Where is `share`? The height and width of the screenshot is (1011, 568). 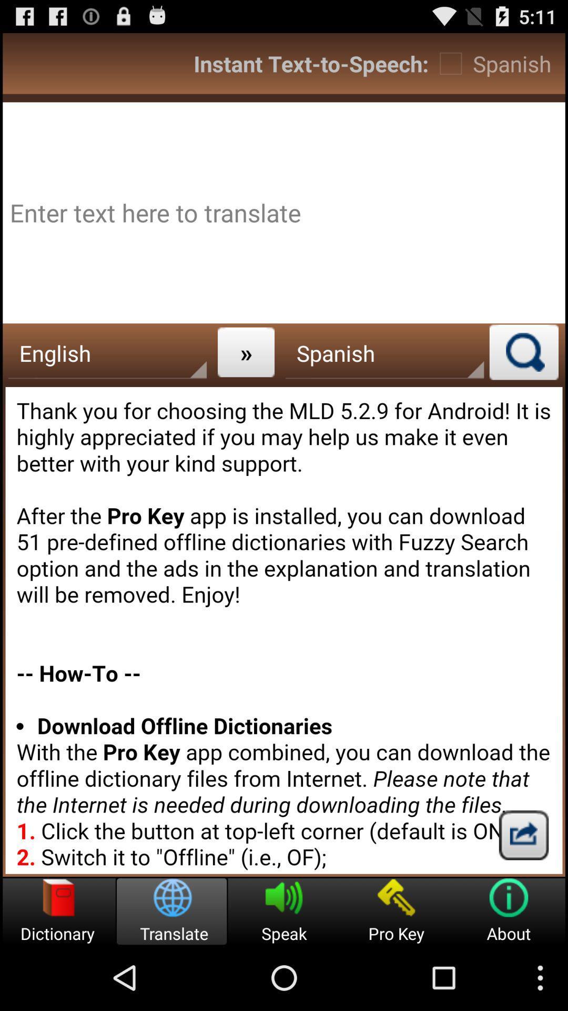 share is located at coordinates (523, 835).